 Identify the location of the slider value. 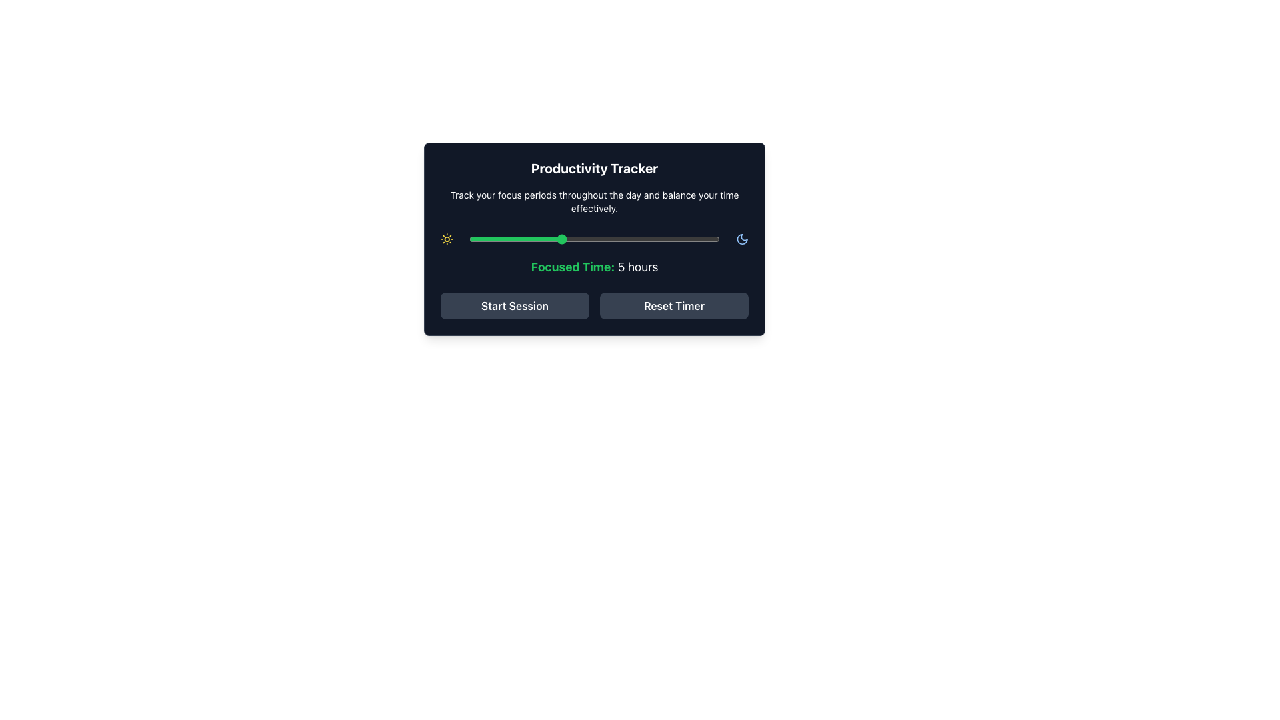
(695, 238).